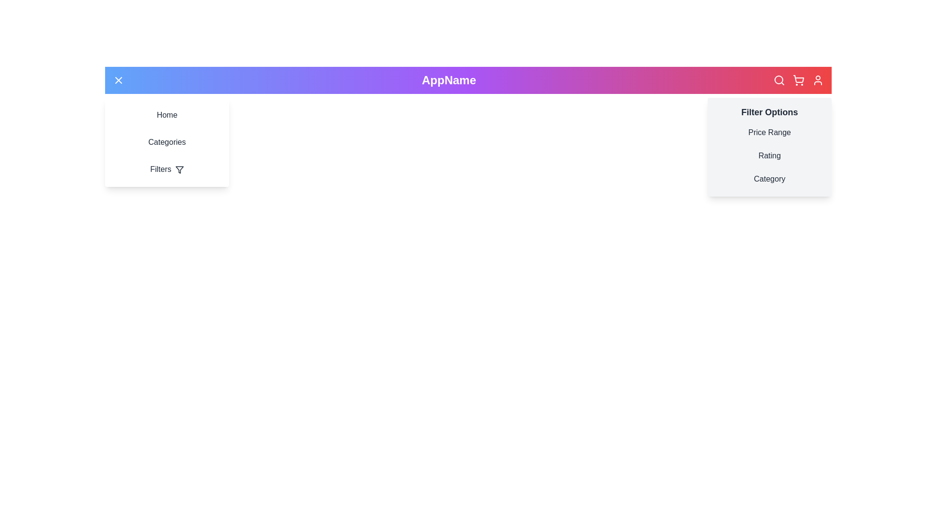 Image resolution: width=930 pixels, height=523 pixels. Describe the element at coordinates (179, 169) in the screenshot. I see `the filter funnel icon located to the right of the text 'Filters' in the dropdown menu` at that location.